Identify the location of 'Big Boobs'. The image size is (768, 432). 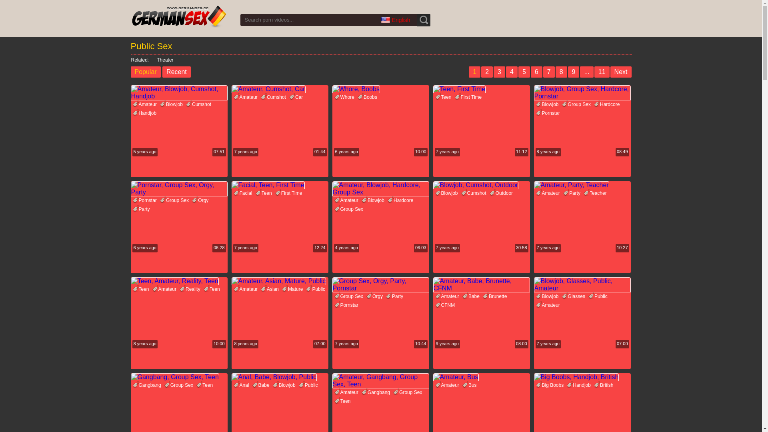
(550, 385).